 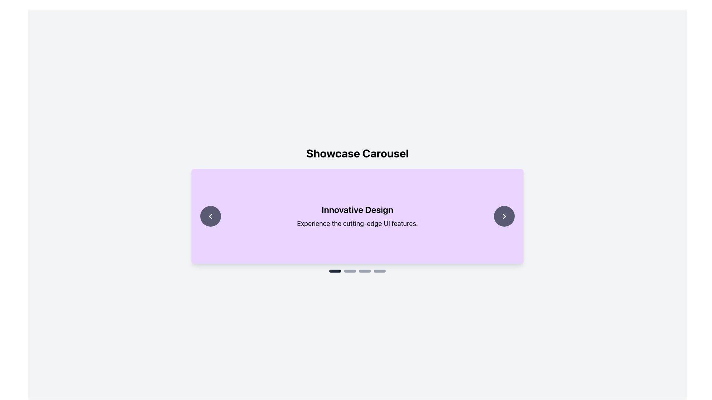 I want to click on the first indicator element at the bottom of the carousel, so click(x=334, y=271).